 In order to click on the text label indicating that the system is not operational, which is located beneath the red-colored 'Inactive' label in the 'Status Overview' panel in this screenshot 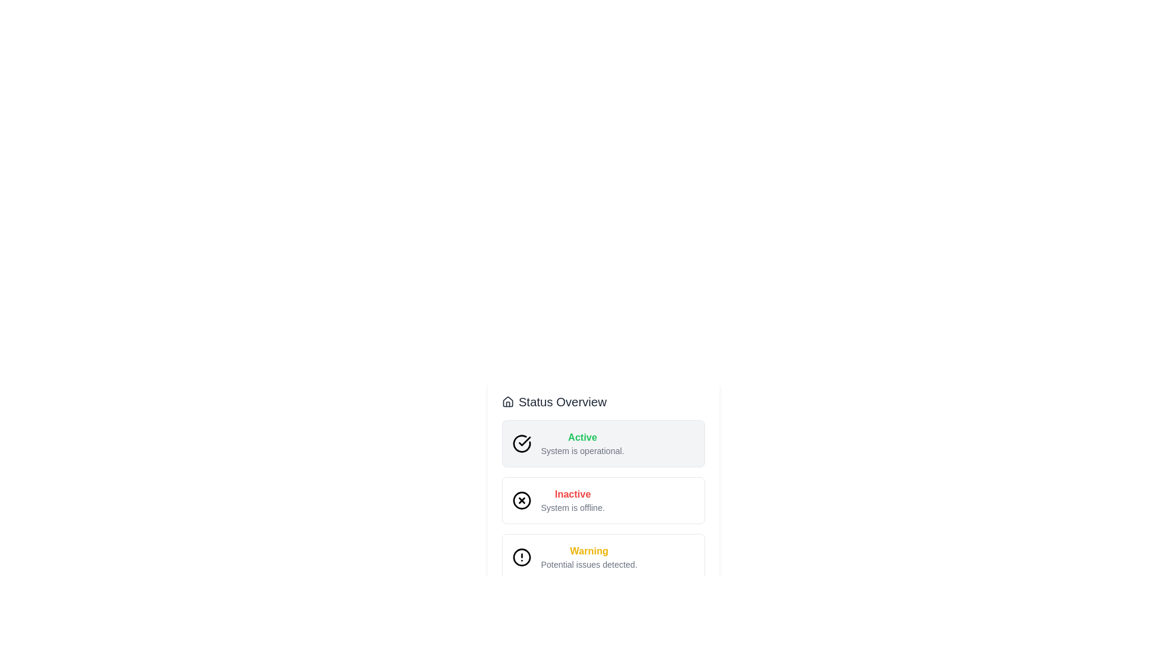, I will do `click(572, 508)`.